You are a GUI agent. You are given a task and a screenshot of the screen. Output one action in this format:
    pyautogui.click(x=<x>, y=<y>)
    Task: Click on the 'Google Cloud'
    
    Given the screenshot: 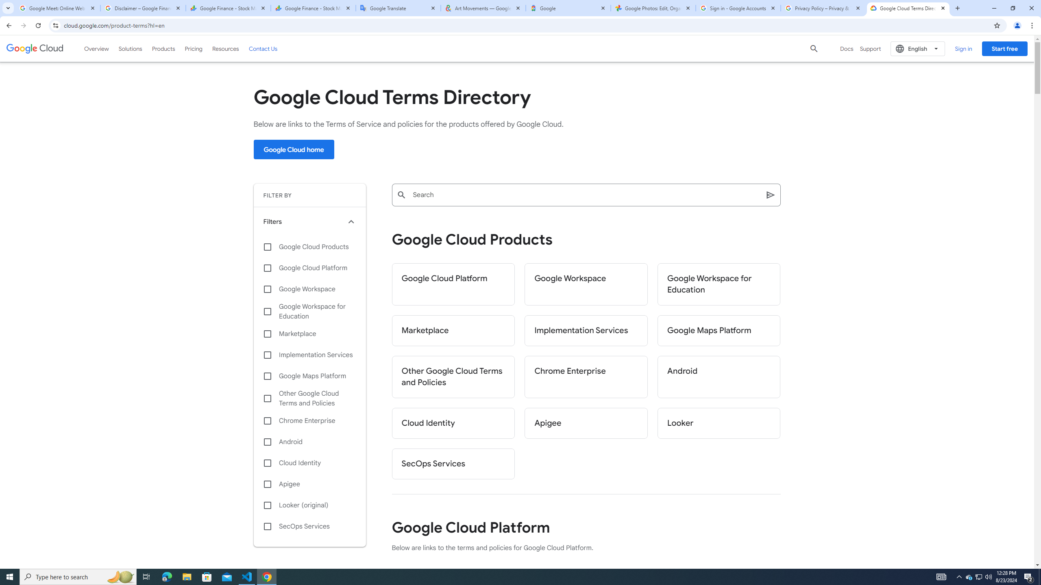 What is the action you would take?
    pyautogui.click(x=35, y=48)
    